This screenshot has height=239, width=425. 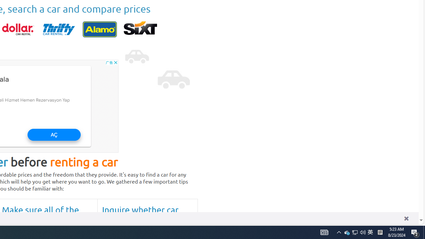 What do you see at coordinates (140, 29) in the screenshot?
I see `'sixt'` at bounding box center [140, 29].